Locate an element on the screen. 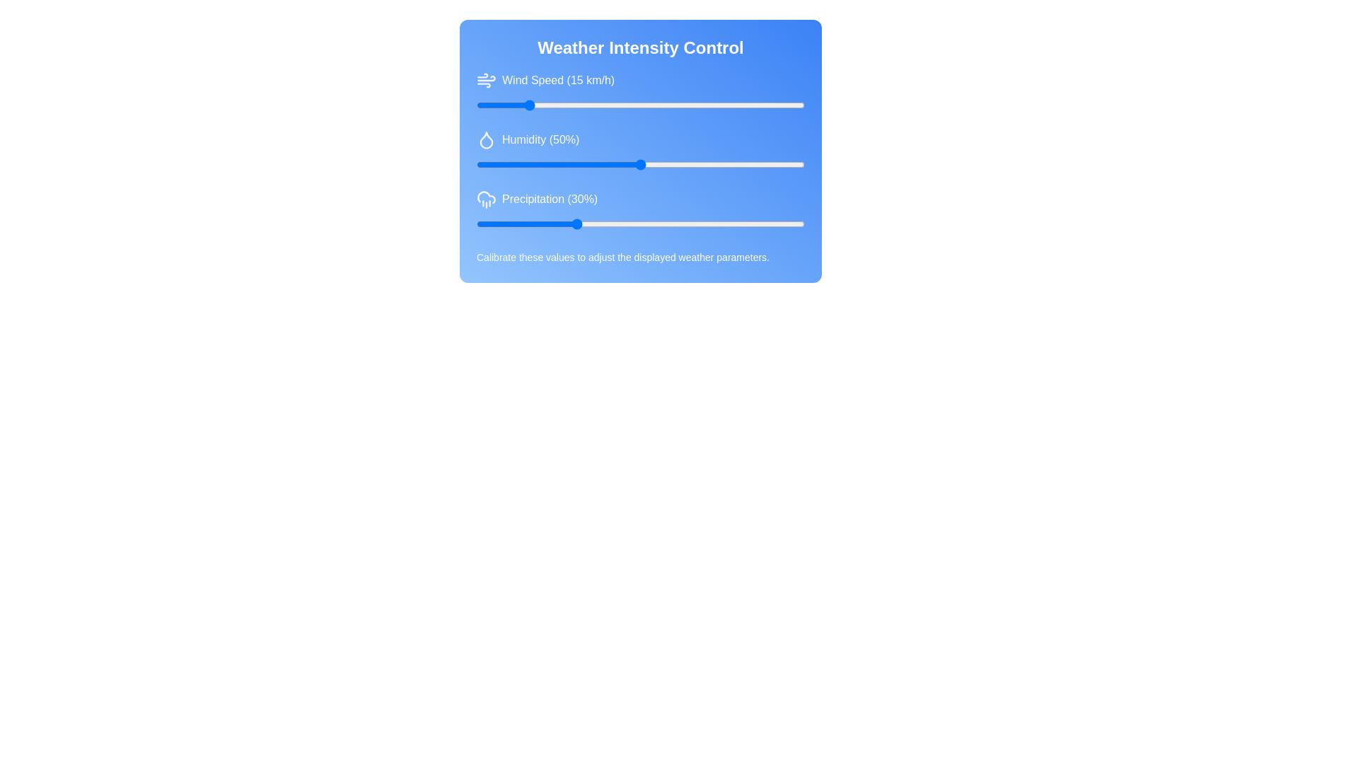  the wind speed is located at coordinates (486, 105).